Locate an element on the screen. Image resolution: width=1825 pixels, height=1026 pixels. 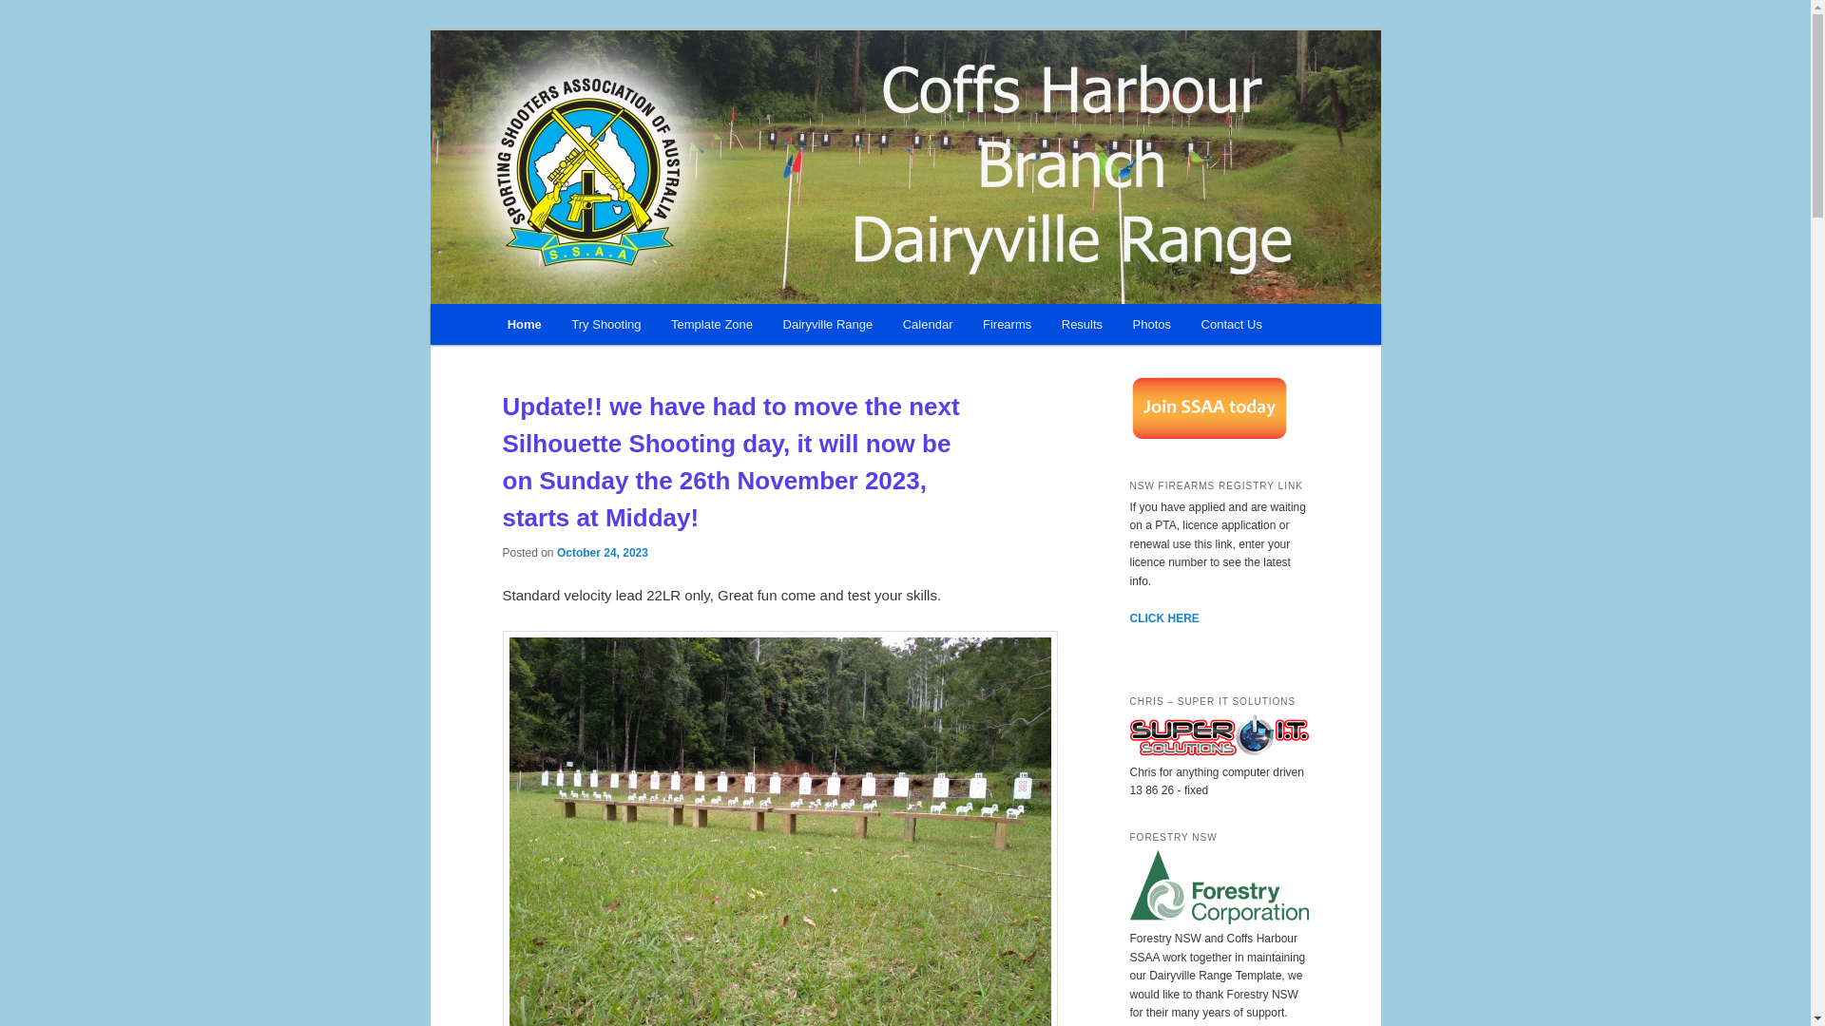
'Skip to primary content' is located at coordinates (591, 326).